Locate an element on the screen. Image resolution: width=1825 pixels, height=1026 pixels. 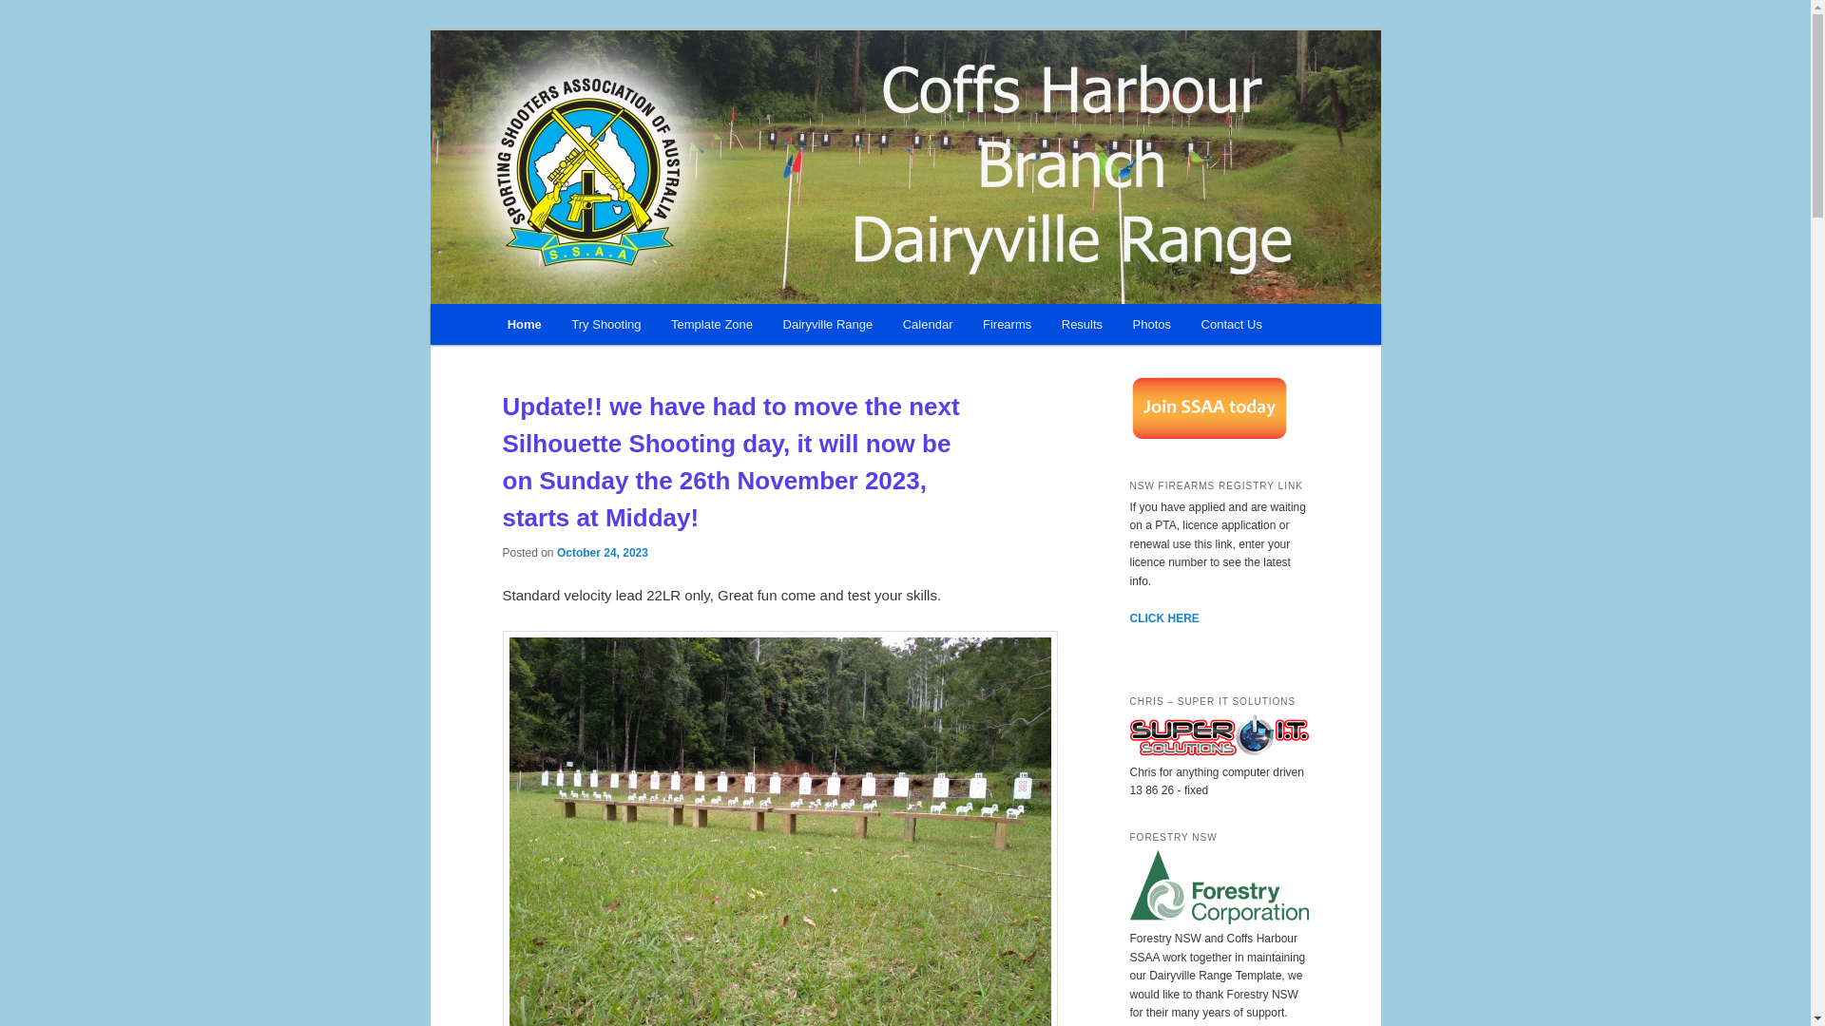
'Skip to primary content' is located at coordinates (591, 326).